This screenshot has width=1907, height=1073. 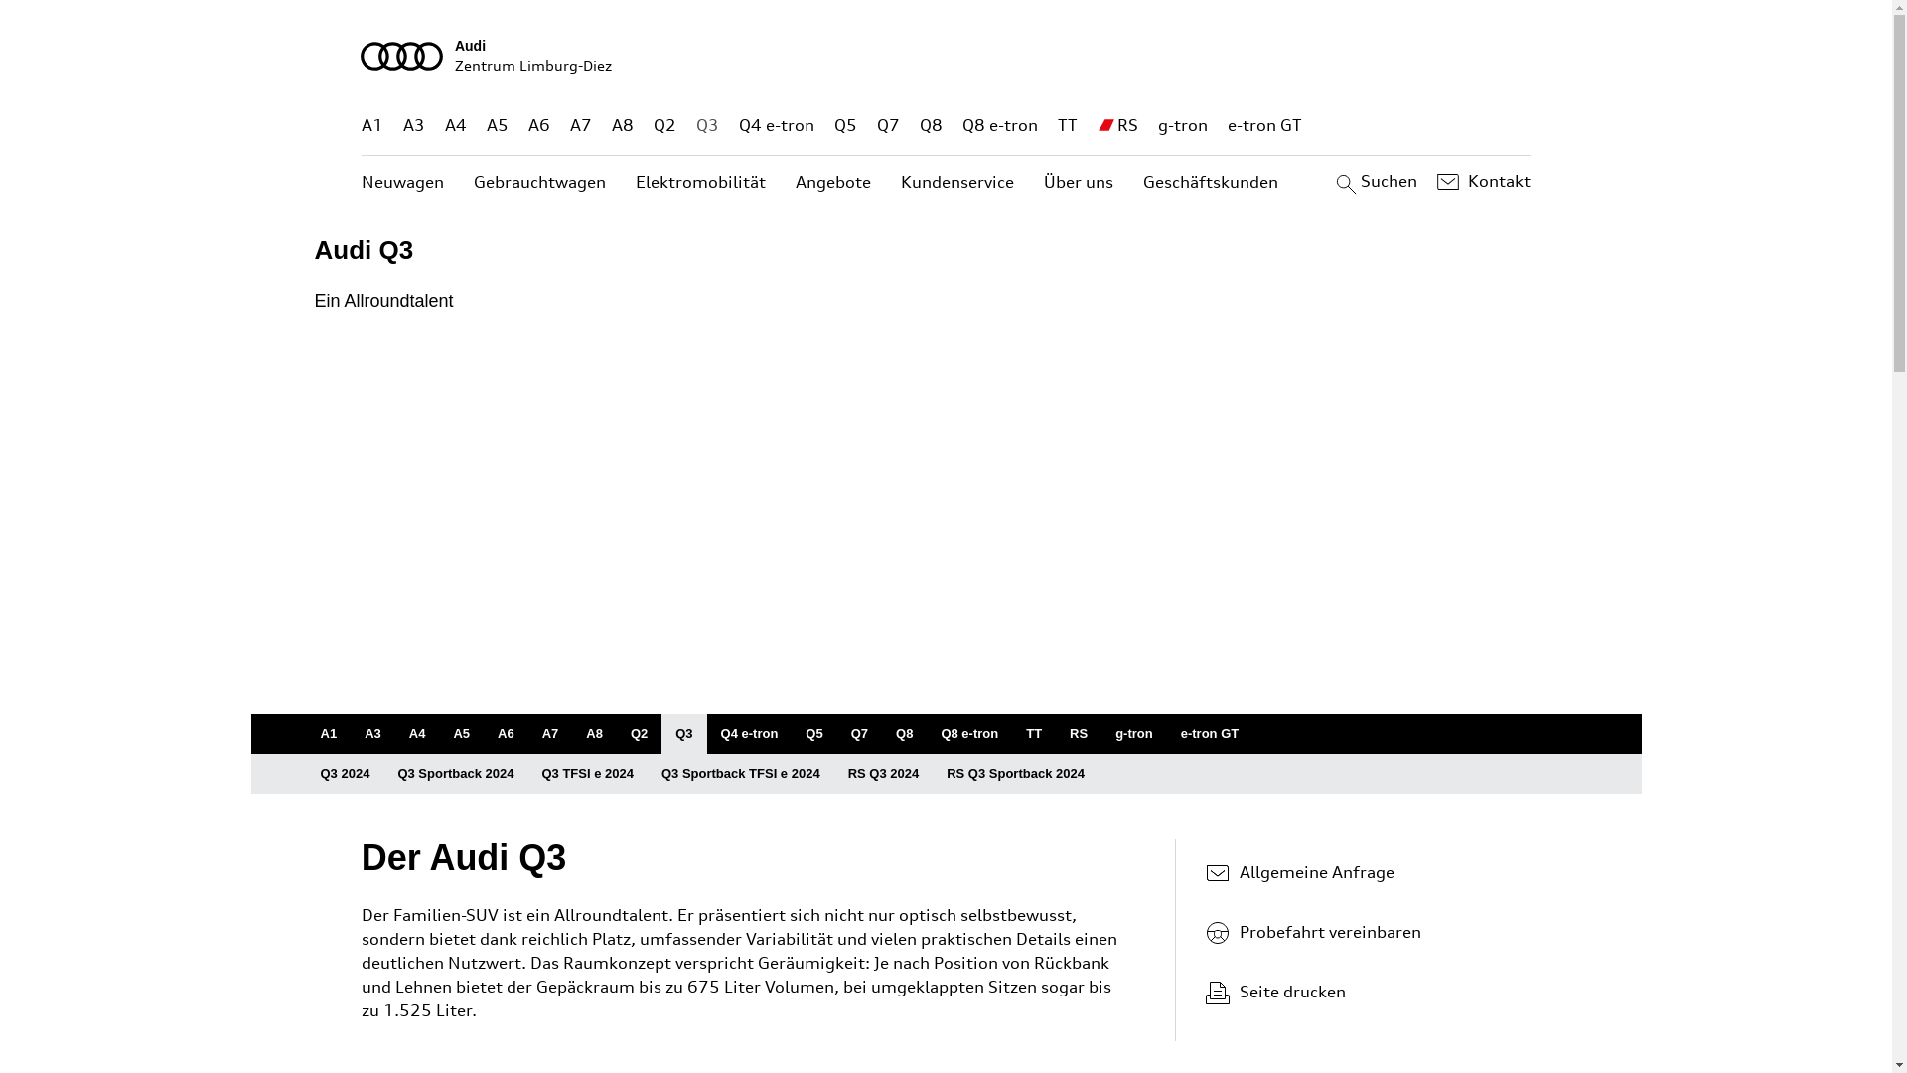 What do you see at coordinates (1209, 734) in the screenshot?
I see `'e-tron GT'` at bounding box center [1209, 734].